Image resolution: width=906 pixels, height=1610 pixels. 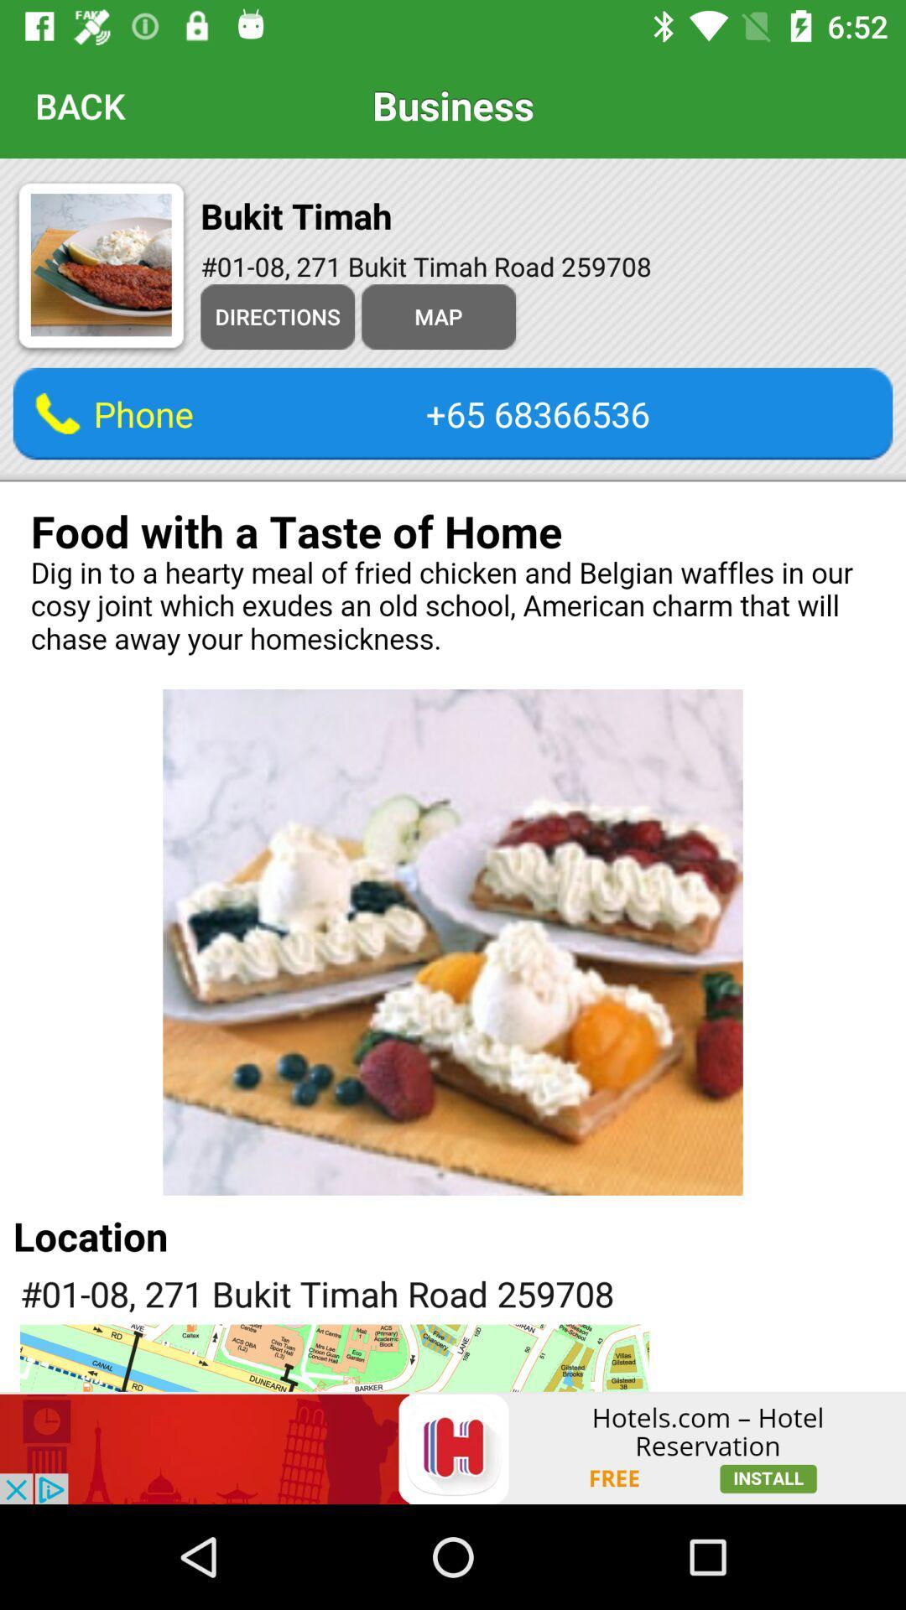 What do you see at coordinates (453, 942) in the screenshot?
I see `the image which is above the location` at bounding box center [453, 942].